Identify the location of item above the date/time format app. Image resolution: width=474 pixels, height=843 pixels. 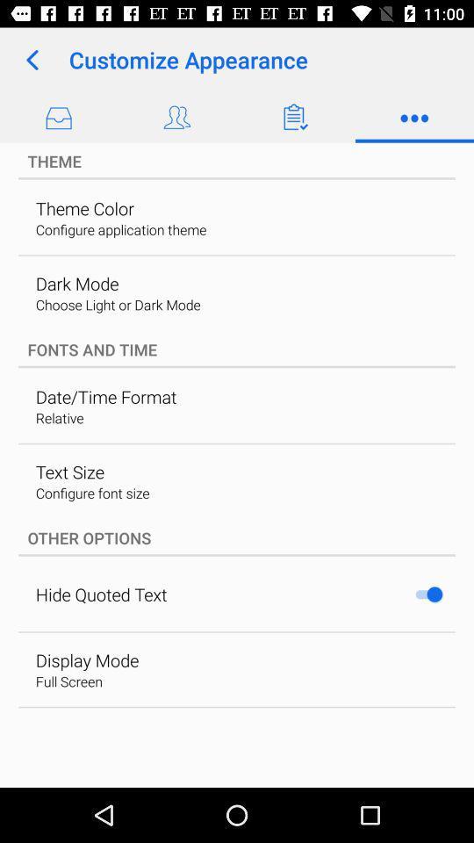
(237, 349).